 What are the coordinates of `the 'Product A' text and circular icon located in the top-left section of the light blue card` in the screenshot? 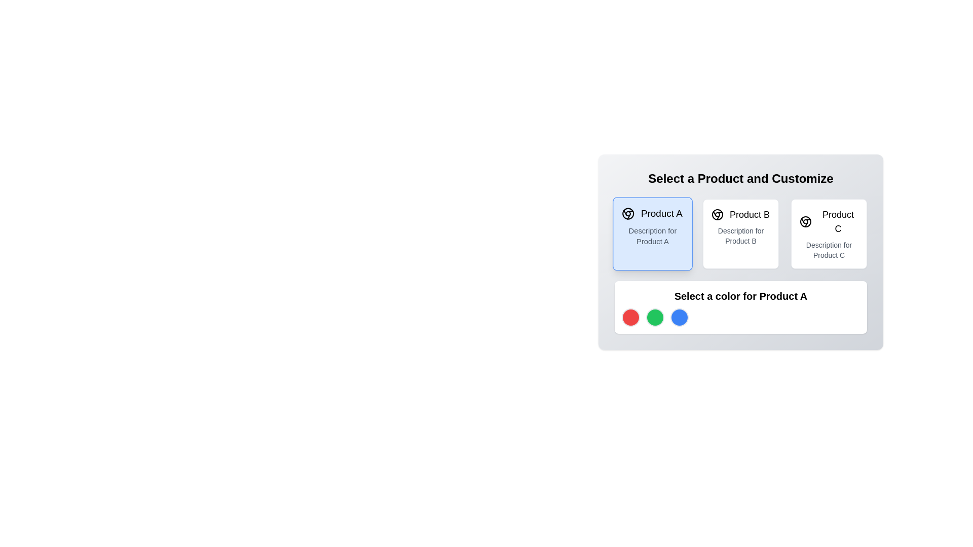 It's located at (652, 213).